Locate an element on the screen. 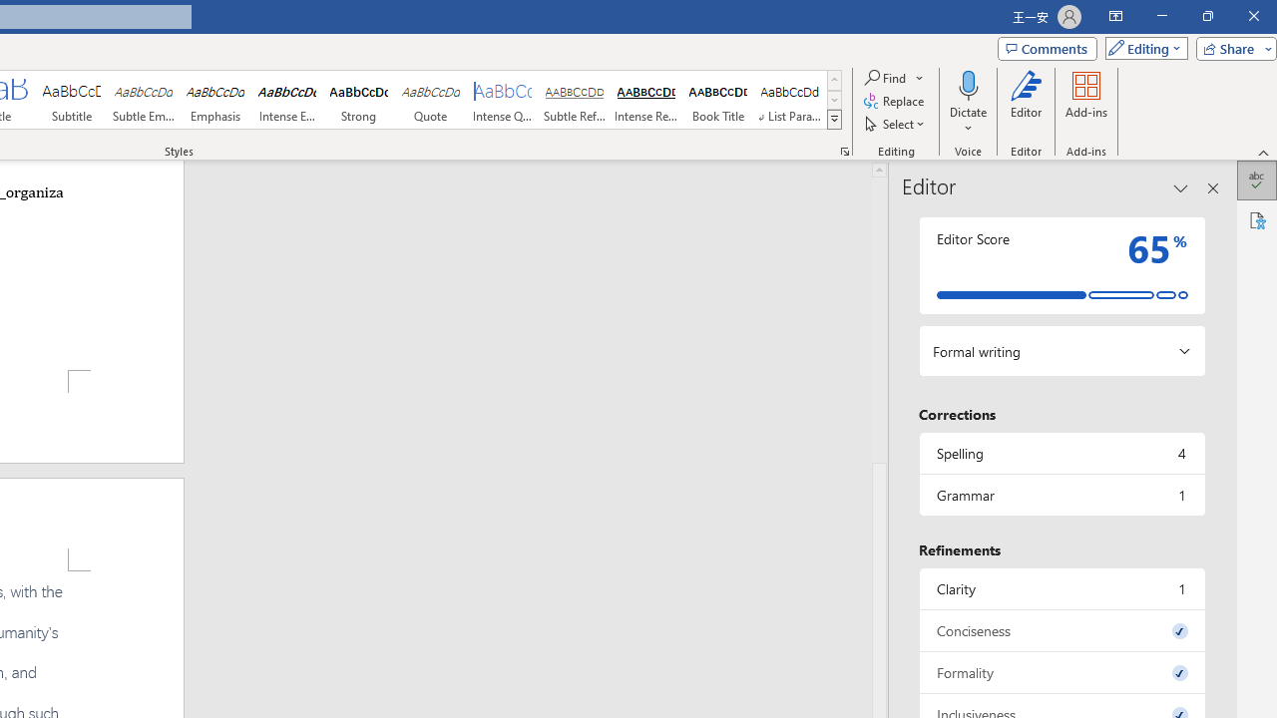 The image size is (1277, 718). 'Styles' is located at coordinates (834, 120).